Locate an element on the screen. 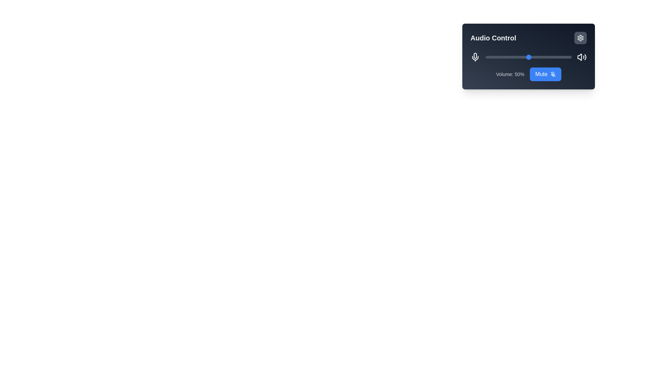 Image resolution: width=658 pixels, height=370 pixels. the audio volume is located at coordinates (548, 57).